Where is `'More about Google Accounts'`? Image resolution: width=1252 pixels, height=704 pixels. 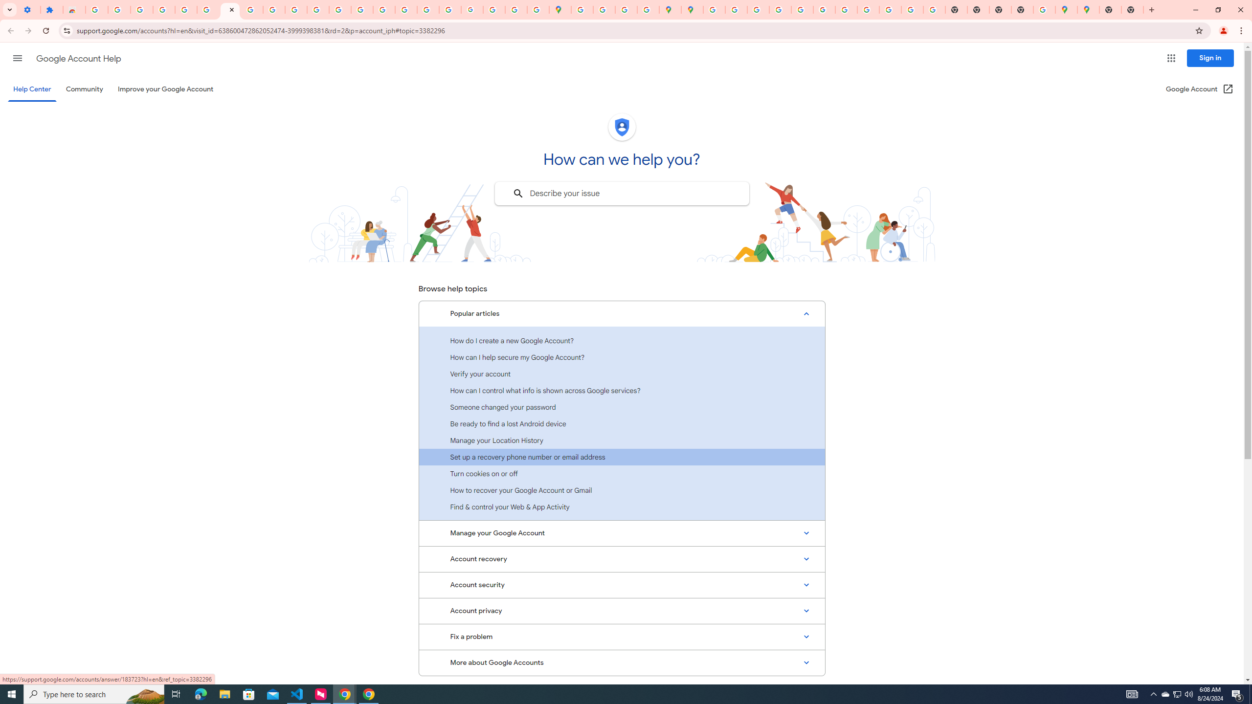 'More about Google Accounts' is located at coordinates (622, 662).